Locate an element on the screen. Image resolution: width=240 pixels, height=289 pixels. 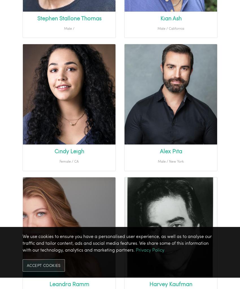
'New York' is located at coordinates (176, 161).